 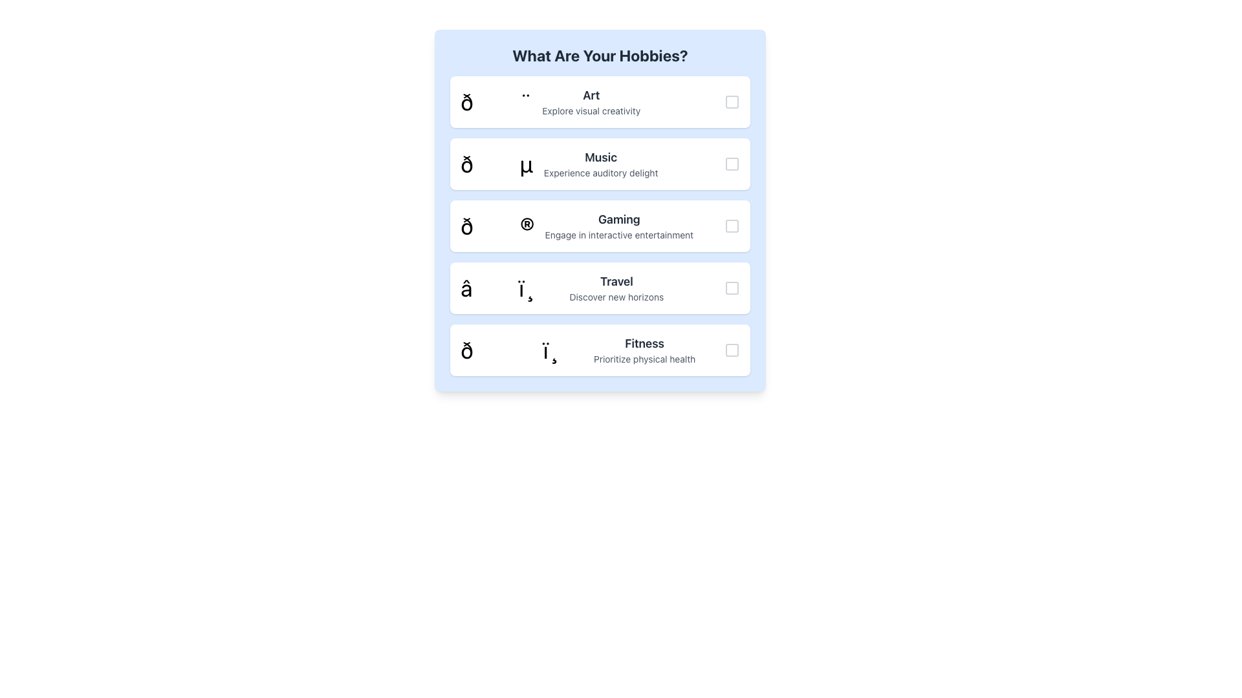 What do you see at coordinates (644, 359) in the screenshot?
I see `the informational text 'Prioritize physical health' located directly below the 'Fitness' option in the vertical list of options` at bounding box center [644, 359].